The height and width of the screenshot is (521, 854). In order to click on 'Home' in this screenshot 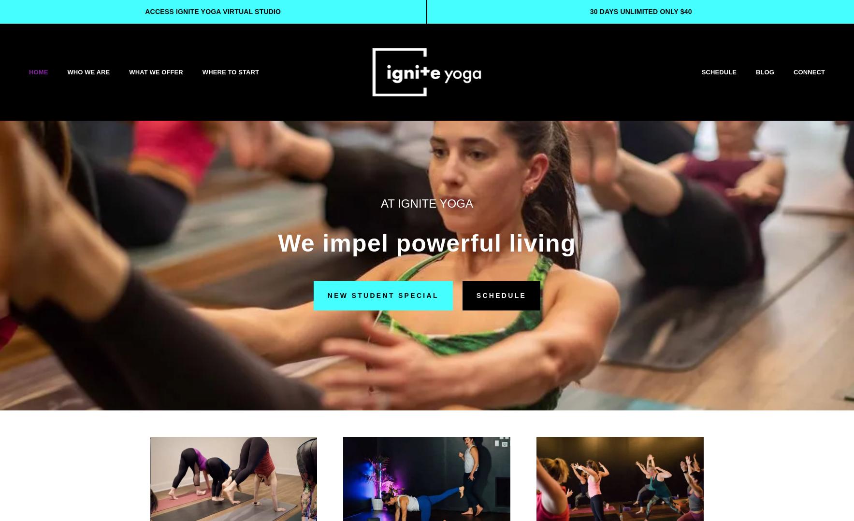, I will do `click(38, 71)`.